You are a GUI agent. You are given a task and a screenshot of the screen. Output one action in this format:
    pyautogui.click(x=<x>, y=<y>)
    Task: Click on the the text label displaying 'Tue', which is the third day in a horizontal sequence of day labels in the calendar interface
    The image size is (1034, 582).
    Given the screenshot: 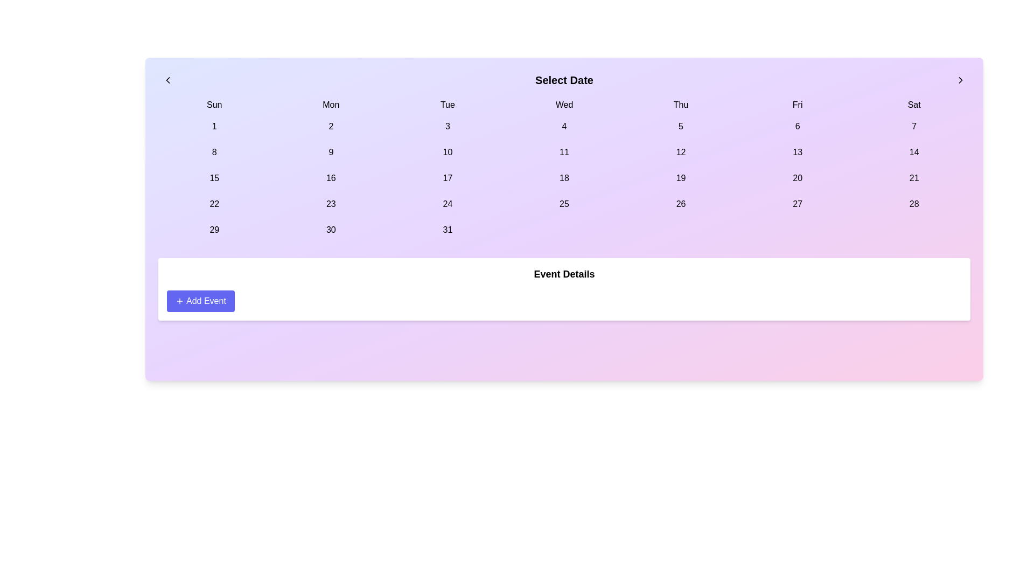 What is the action you would take?
    pyautogui.click(x=448, y=105)
    